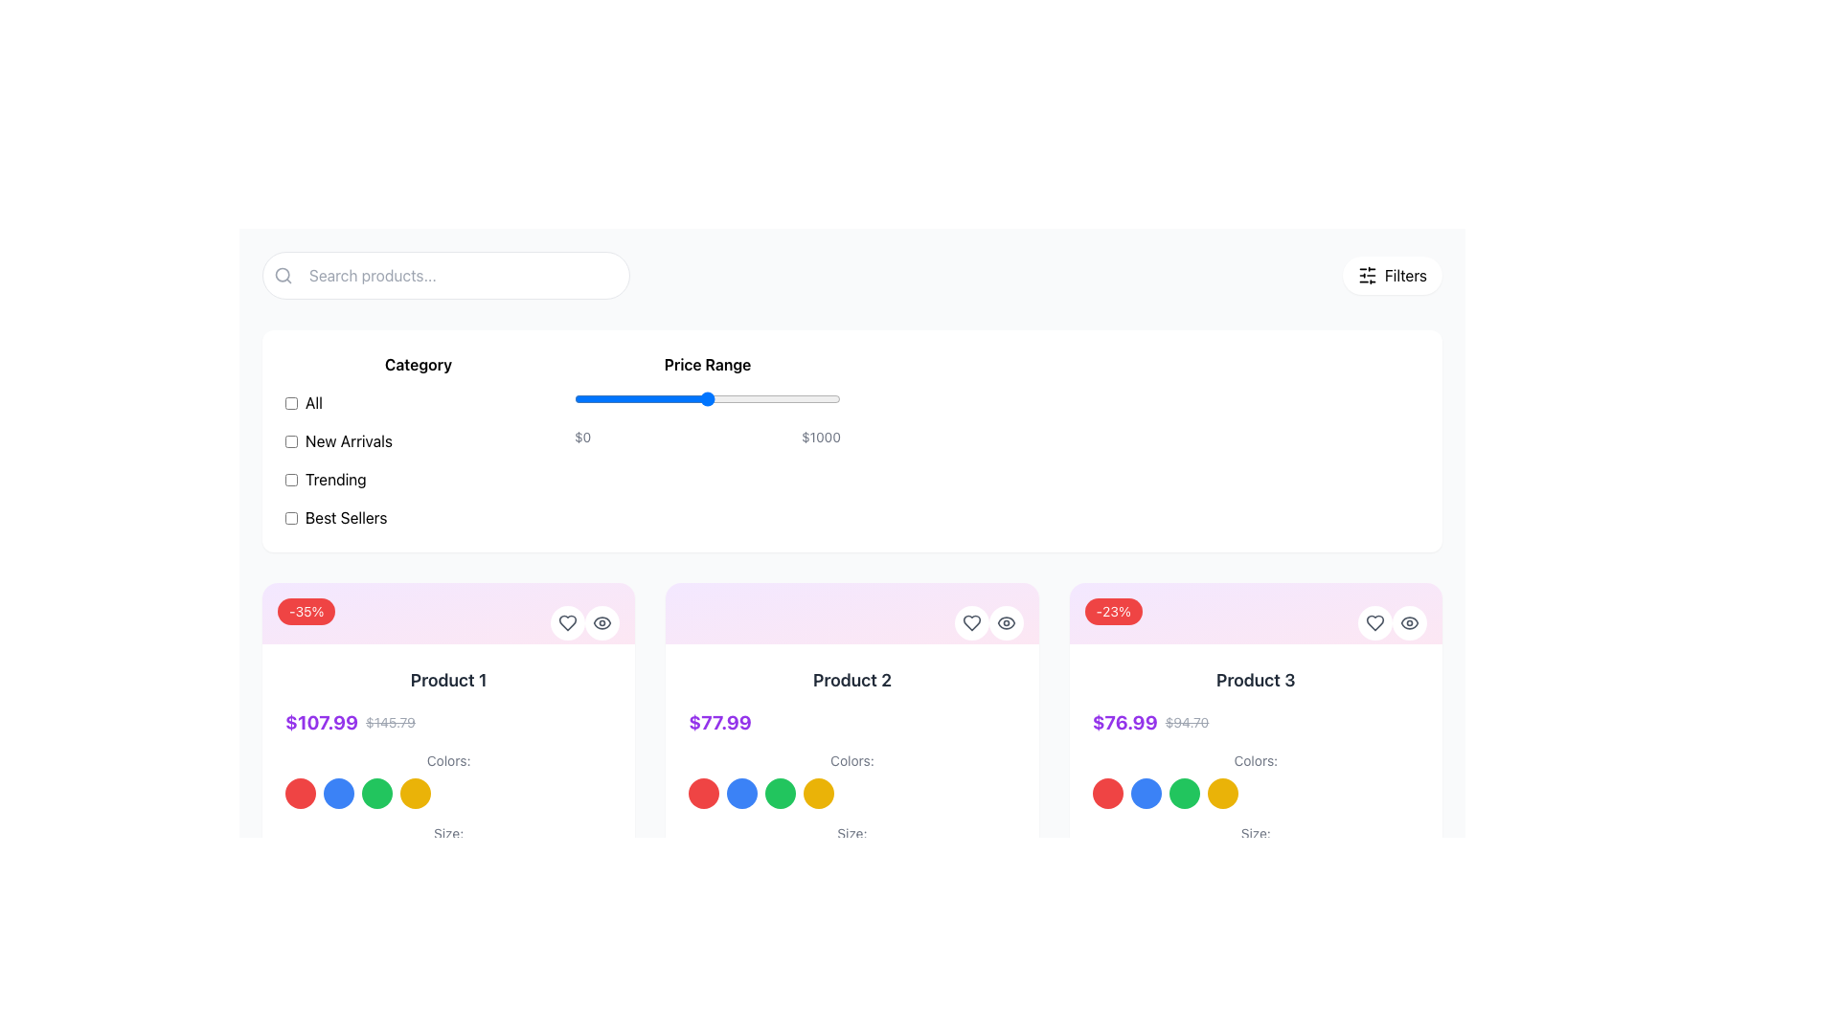 Image resolution: width=1839 pixels, height=1034 pixels. Describe the element at coordinates (1366, 276) in the screenshot. I see `the decorative SVG graphic icon representing the 'Filters' button located in the top-right corner of the layout` at that location.